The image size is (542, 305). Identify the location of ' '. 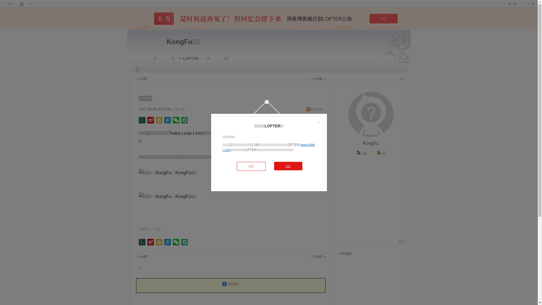
(21, 4).